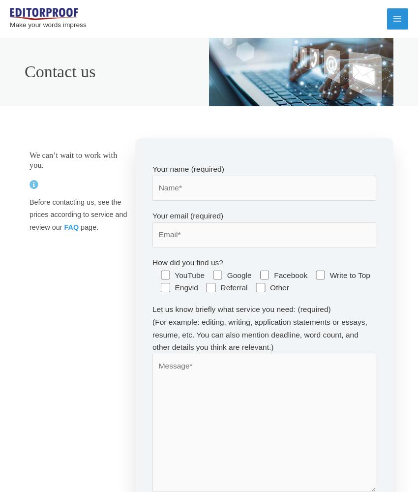 The height and width of the screenshot is (492, 418). Describe the element at coordinates (59, 71) in the screenshot. I see `'Contact us​'` at that location.